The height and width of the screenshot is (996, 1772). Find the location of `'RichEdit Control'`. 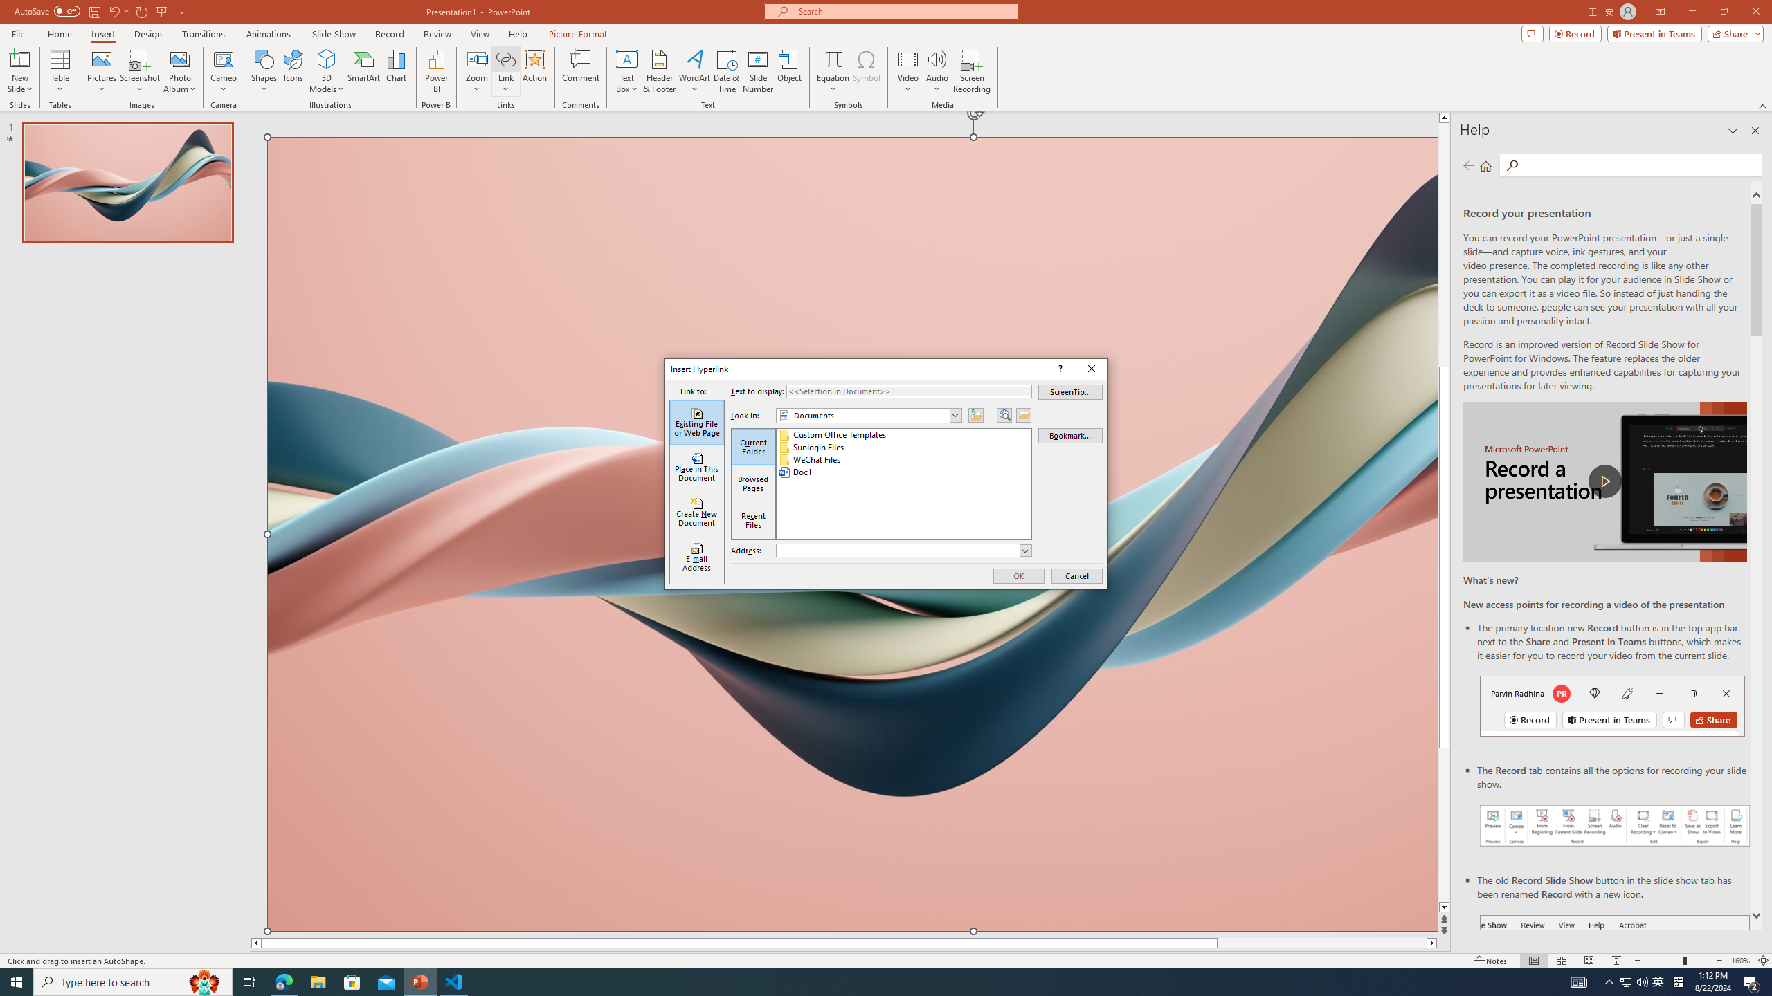

'RichEdit Control' is located at coordinates (897, 551).